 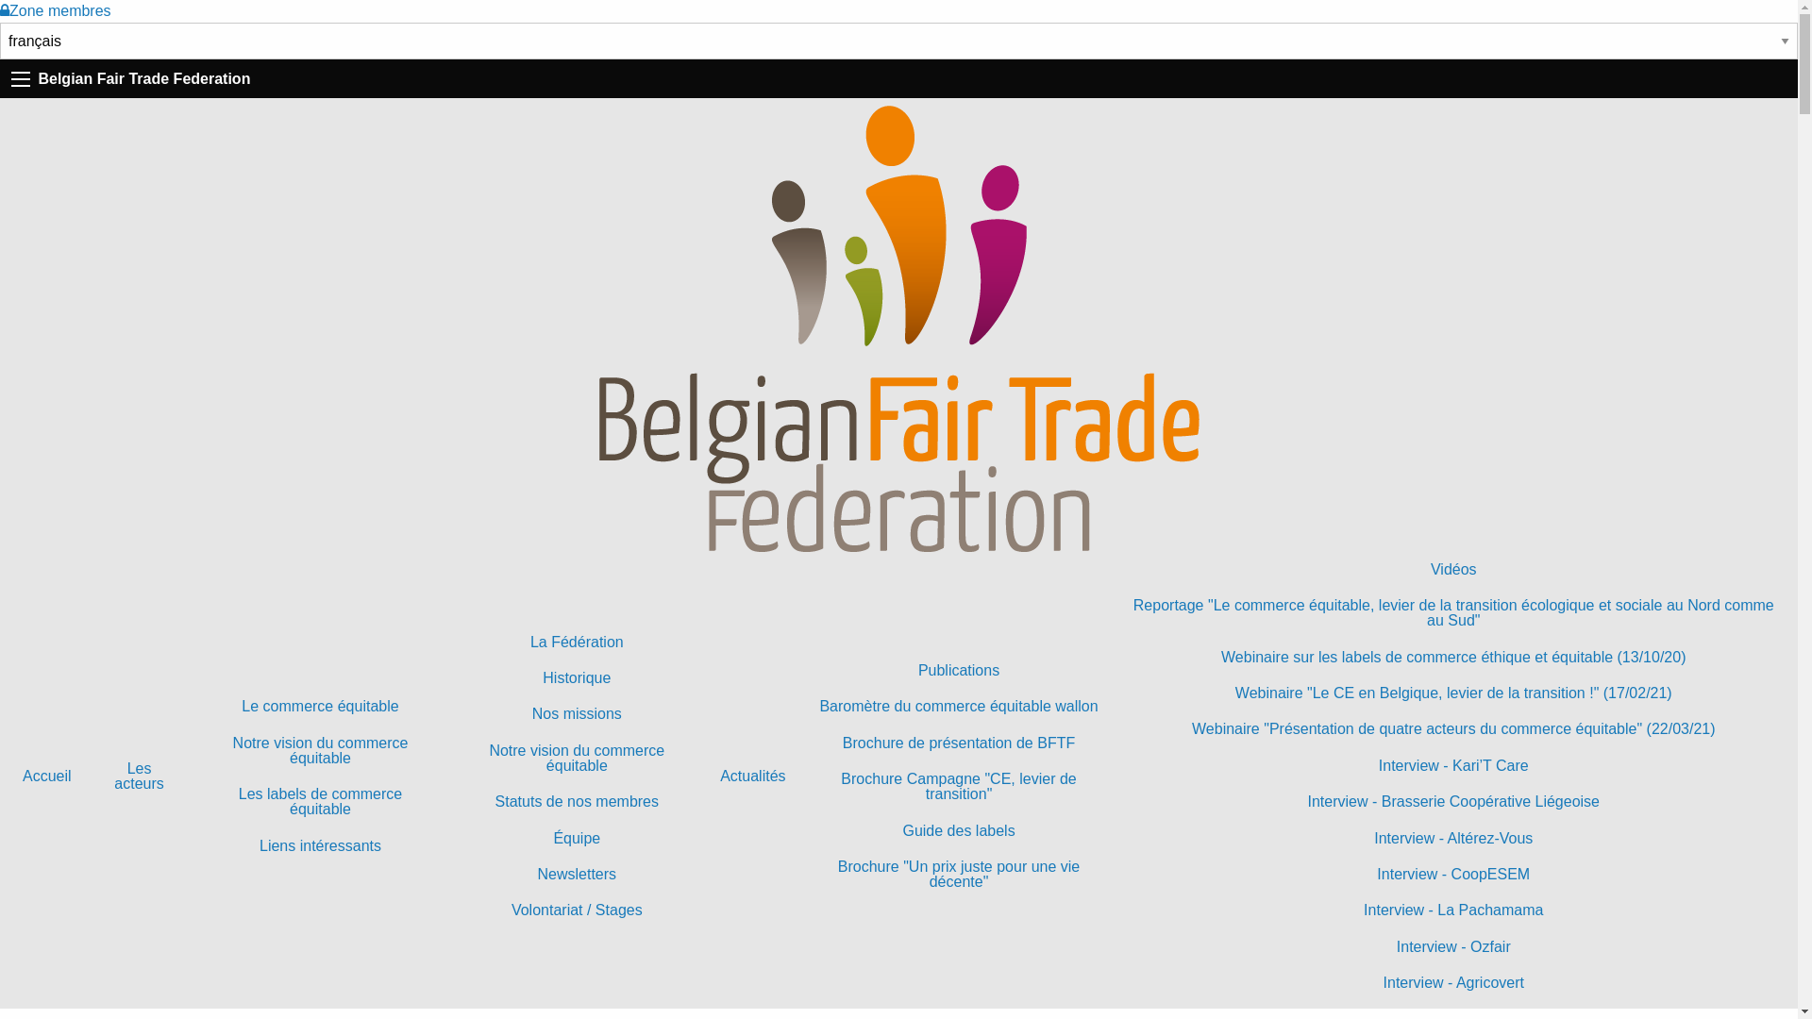 I want to click on 'Zone membres', so click(x=55, y=10).